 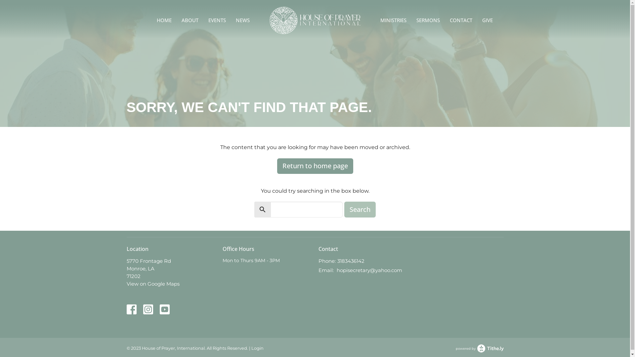 What do you see at coordinates (428, 20) in the screenshot?
I see `'SERMONS'` at bounding box center [428, 20].